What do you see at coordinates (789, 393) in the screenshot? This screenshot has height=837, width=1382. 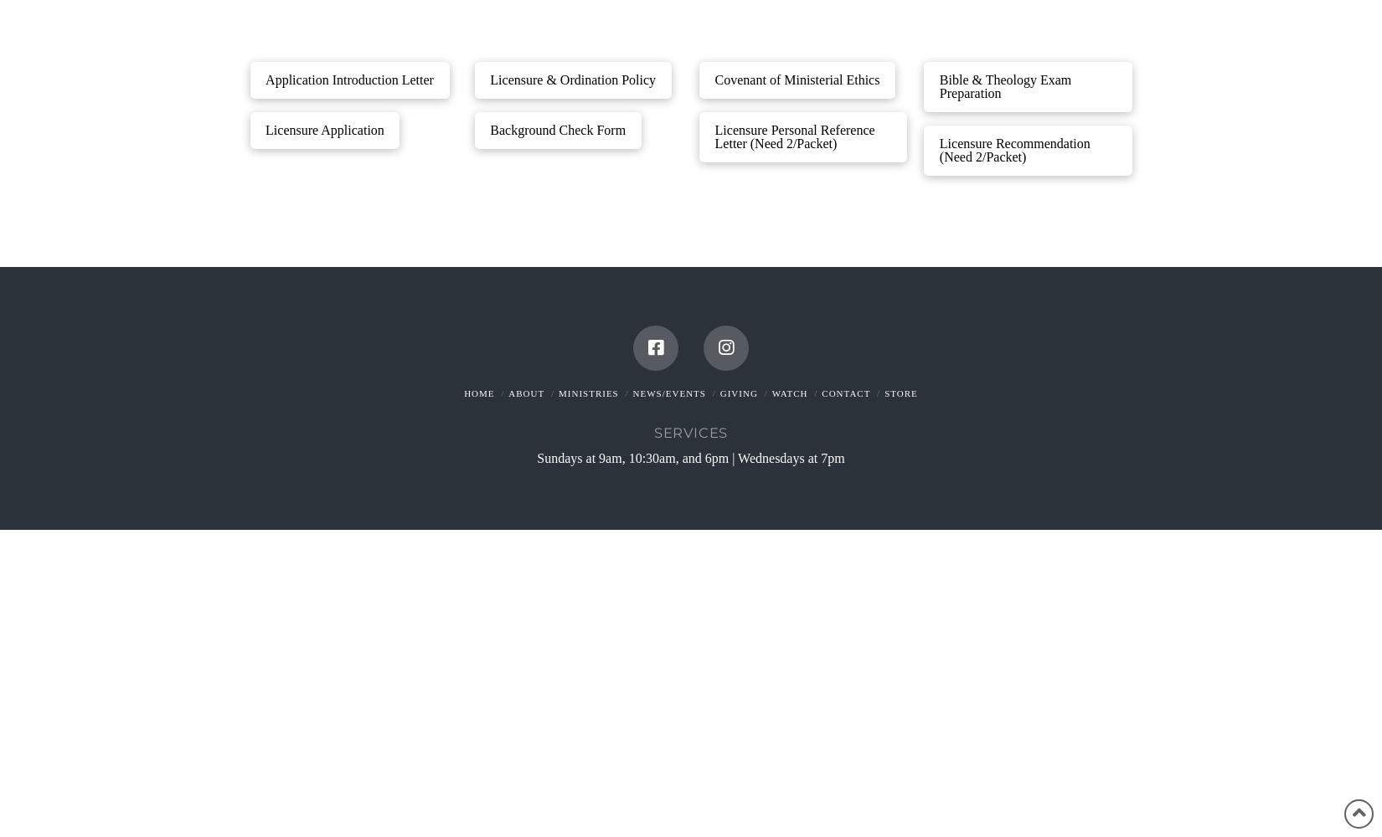 I see `'Watch'` at bounding box center [789, 393].